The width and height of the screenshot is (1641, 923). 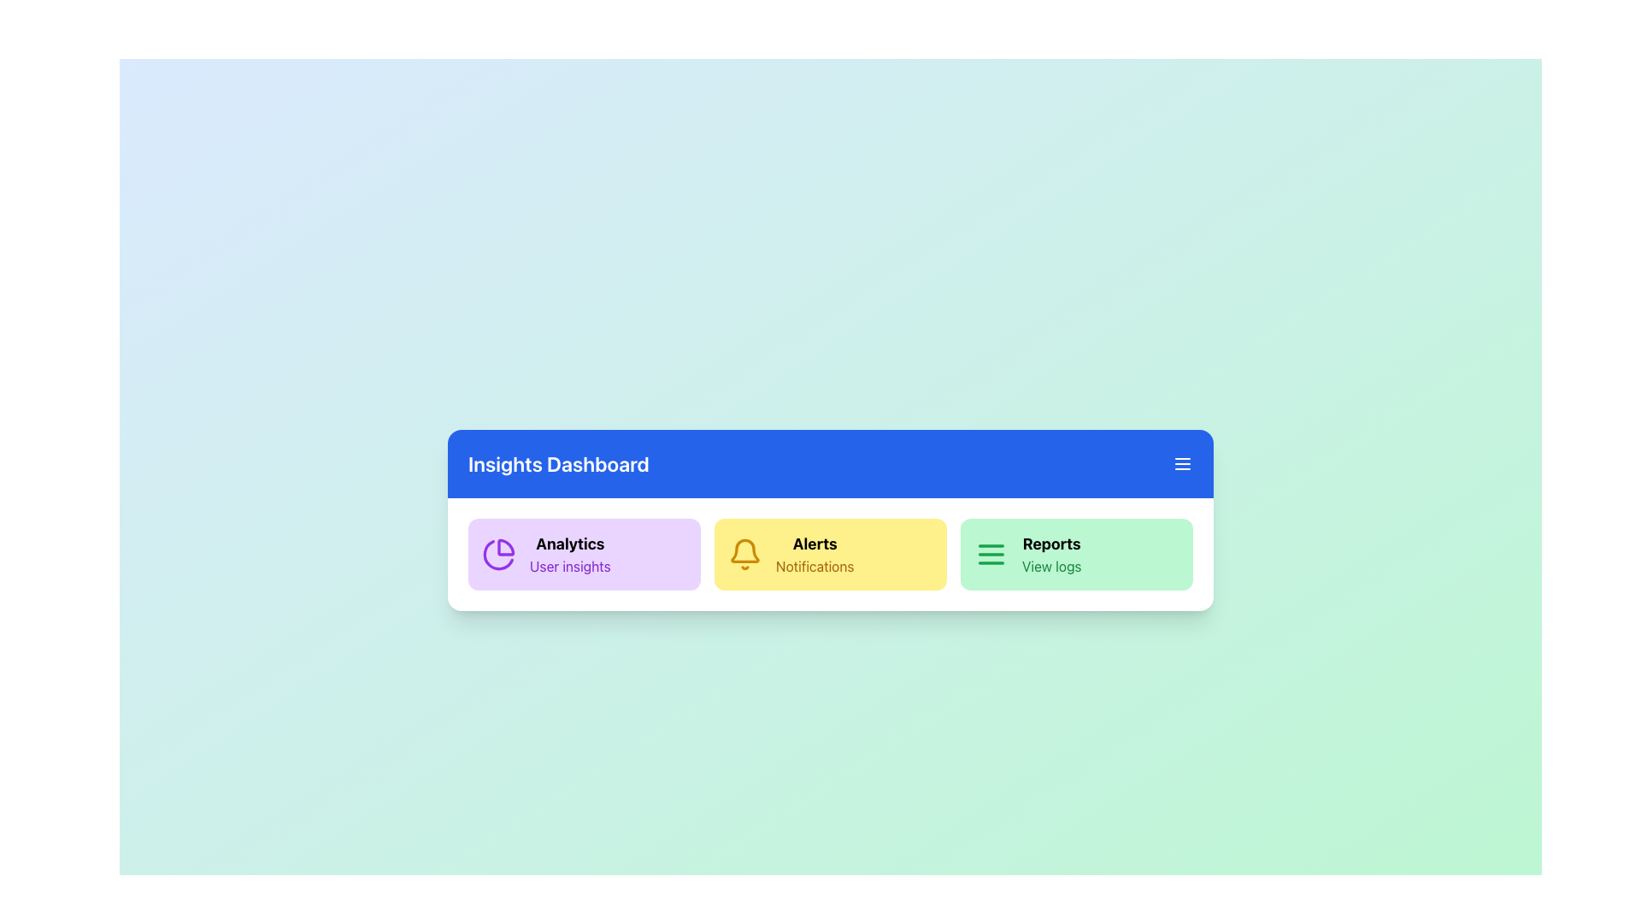 What do you see at coordinates (1181, 464) in the screenshot?
I see `the menu icon button, which consists of three horizontal white lines on a blue background, located at the top-right corner of the 'Insights Dashboard' header` at bounding box center [1181, 464].